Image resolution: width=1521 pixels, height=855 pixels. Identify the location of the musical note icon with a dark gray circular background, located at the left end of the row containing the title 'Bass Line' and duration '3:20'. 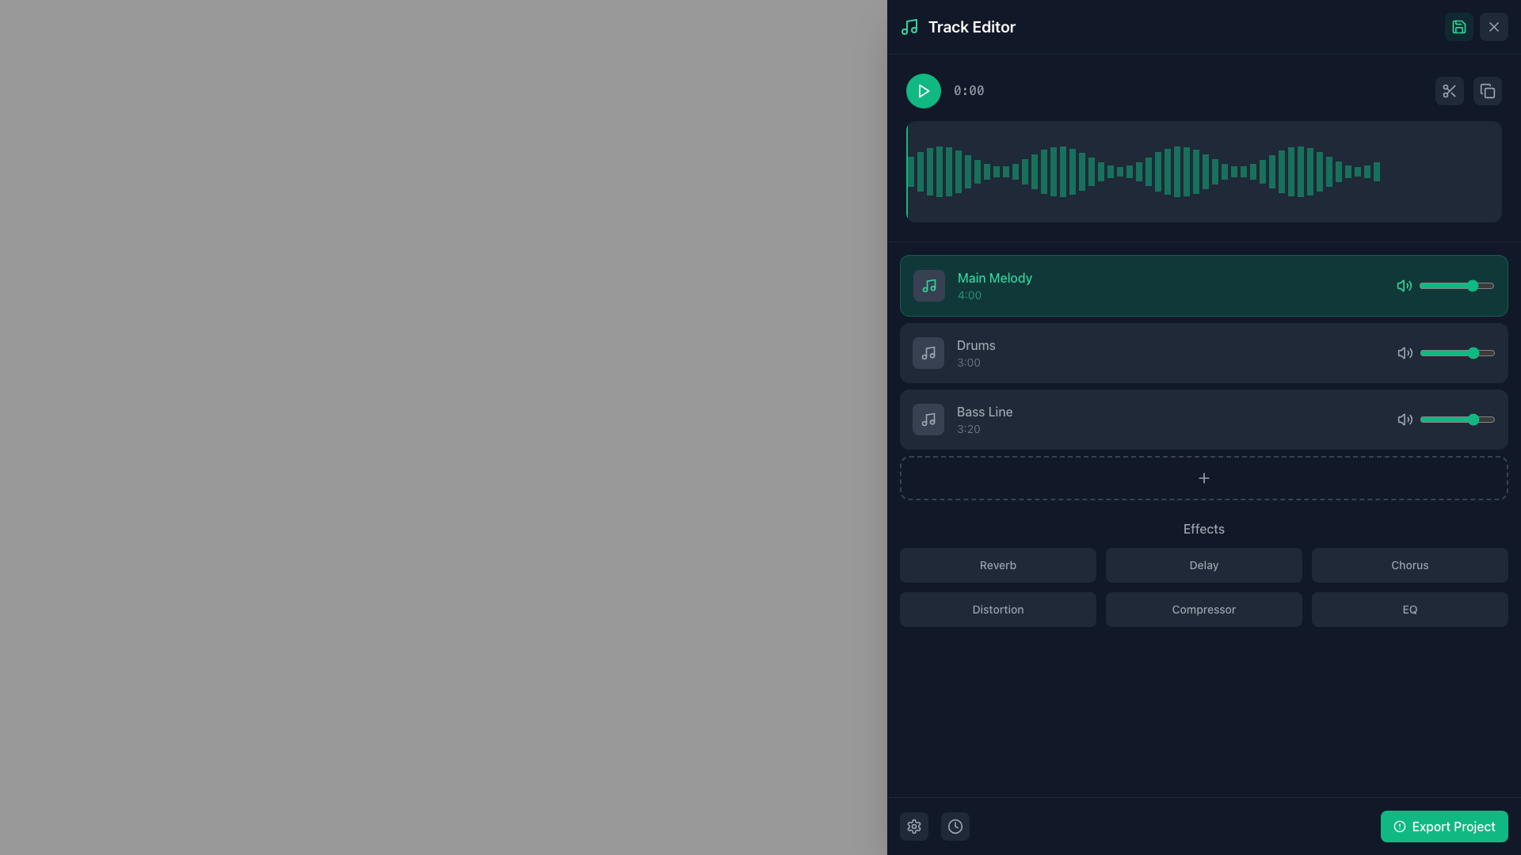
(928, 418).